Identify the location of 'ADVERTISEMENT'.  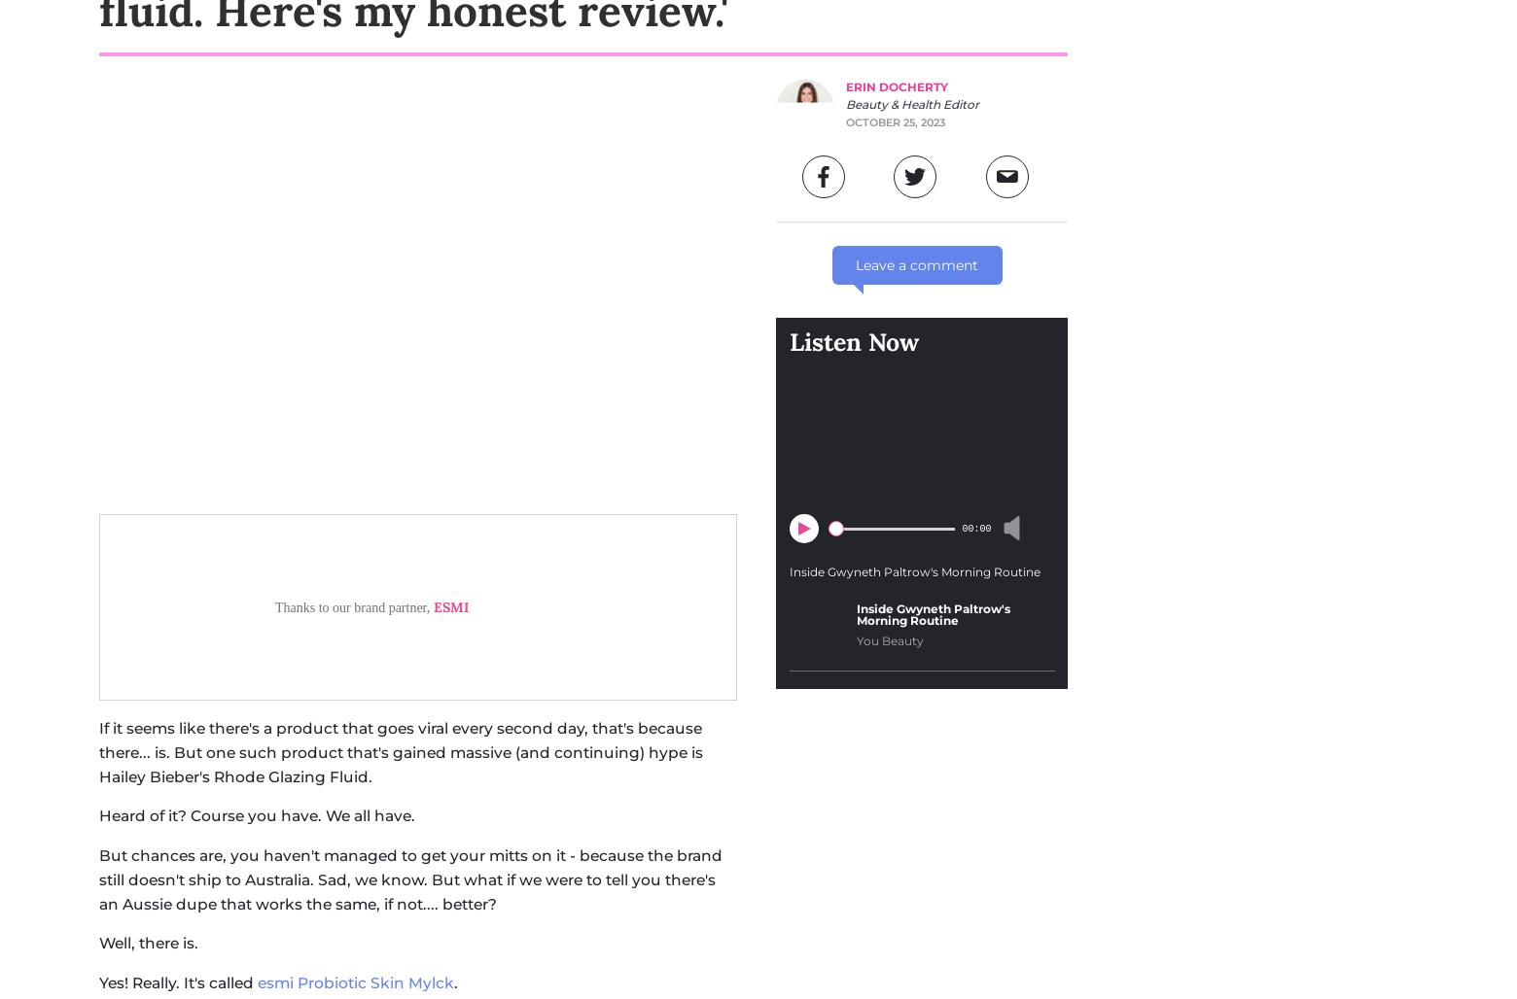
(547, 835).